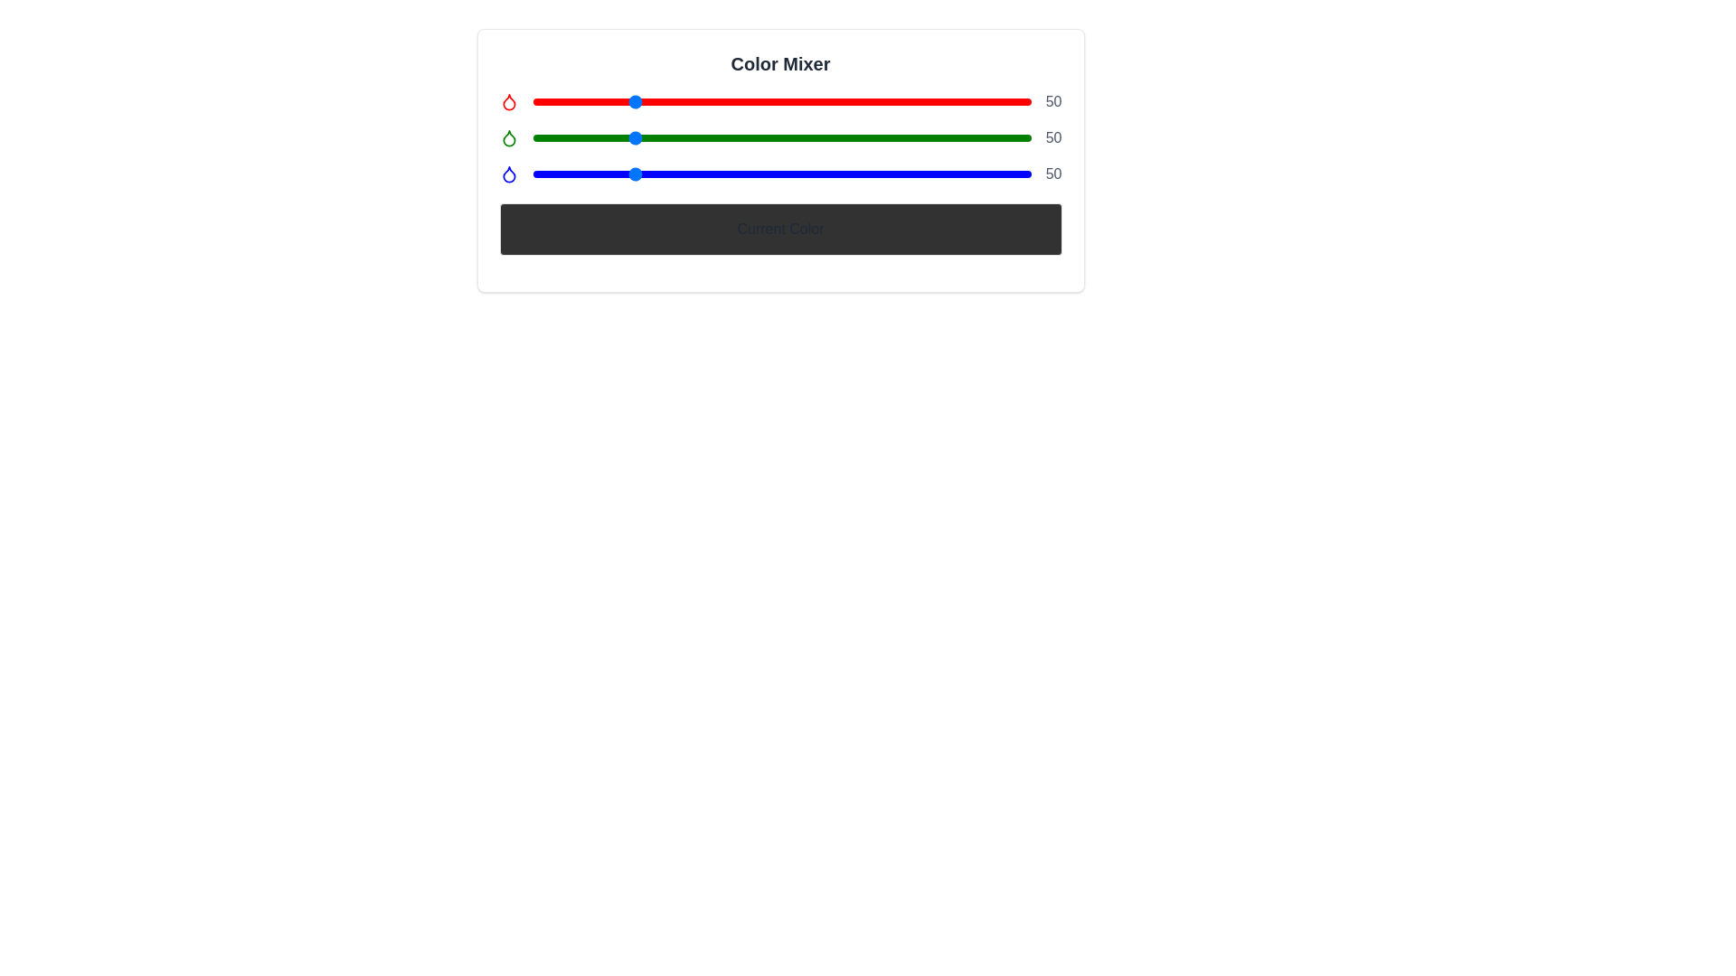 This screenshot has width=1736, height=976. Describe the element at coordinates (788, 174) in the screenshot. I see `the blue slider to set its value to 131` at that location.